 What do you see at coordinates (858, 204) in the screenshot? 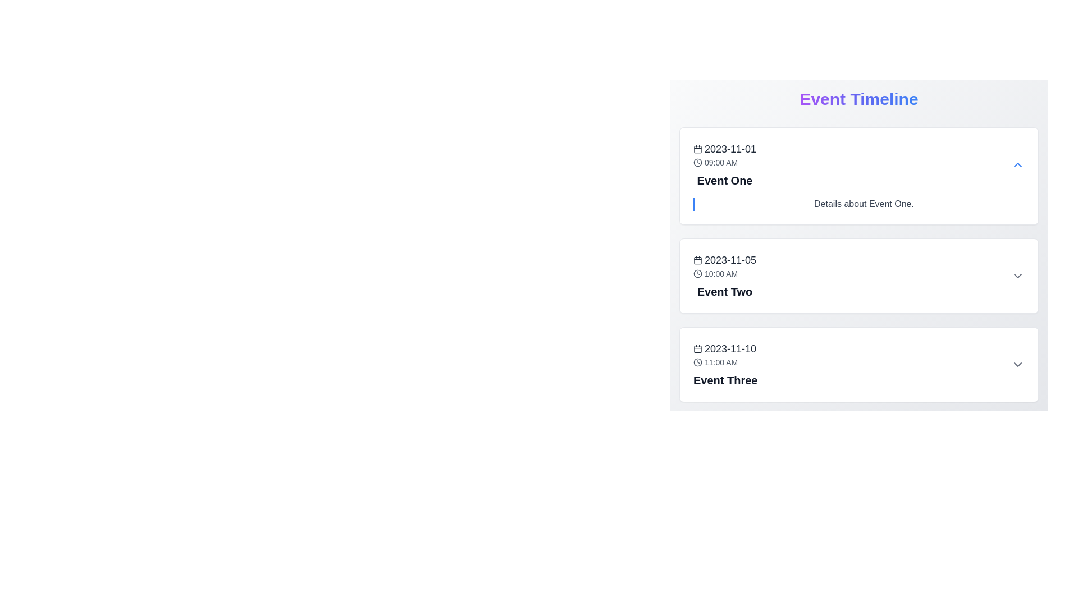
I see `the static text block that provides additional information about 'Event One', located below the main title and description within the event card` at bounding box center [858, 204].